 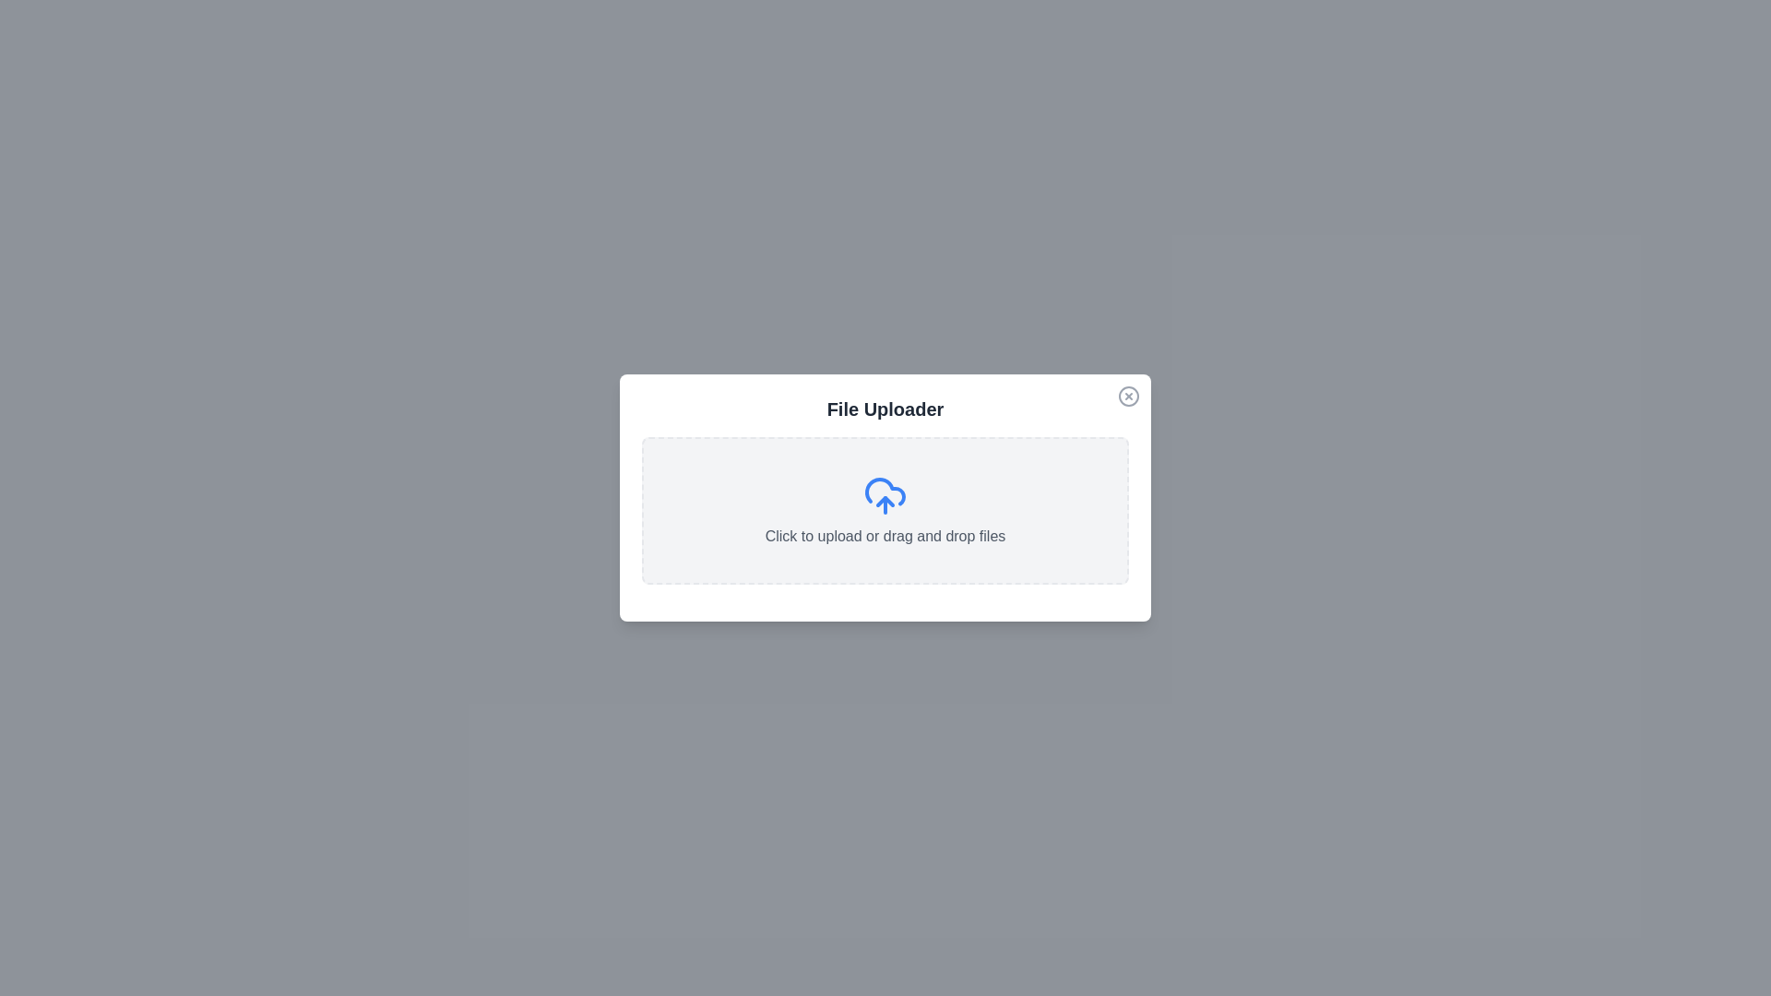 I want to click on the close button located at the top-right corner of the dialog, so click(x=1128, y=395).